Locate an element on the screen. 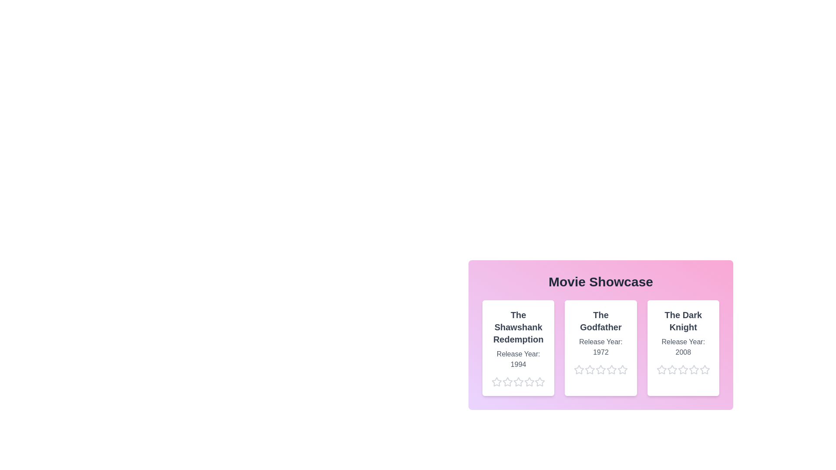  the star corresponding to 4 stars for the movie The Godfather is located at coordinates (606, 369).